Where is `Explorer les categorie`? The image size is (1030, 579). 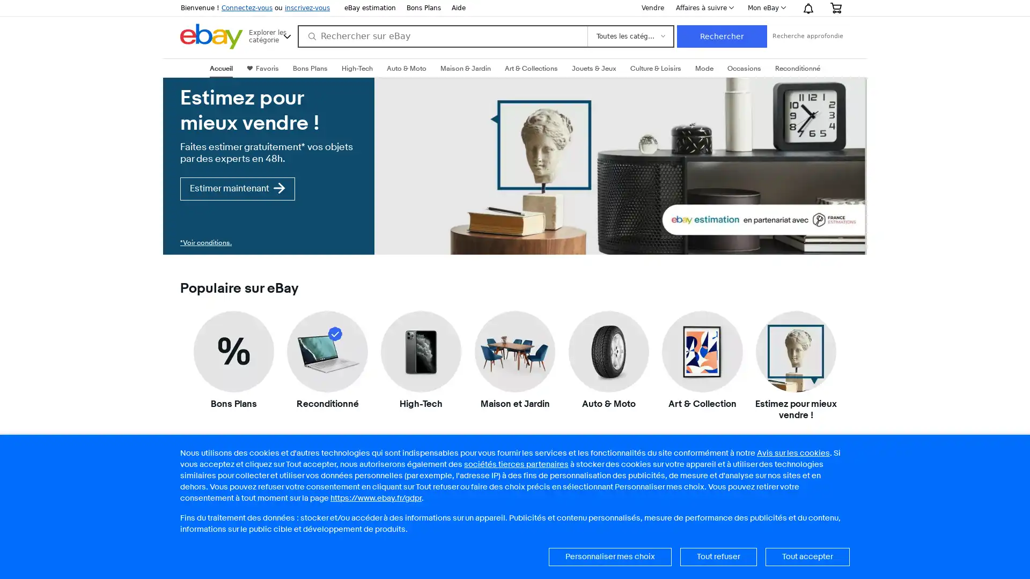
Explorer les categorie is located at coordinates (270, 34).